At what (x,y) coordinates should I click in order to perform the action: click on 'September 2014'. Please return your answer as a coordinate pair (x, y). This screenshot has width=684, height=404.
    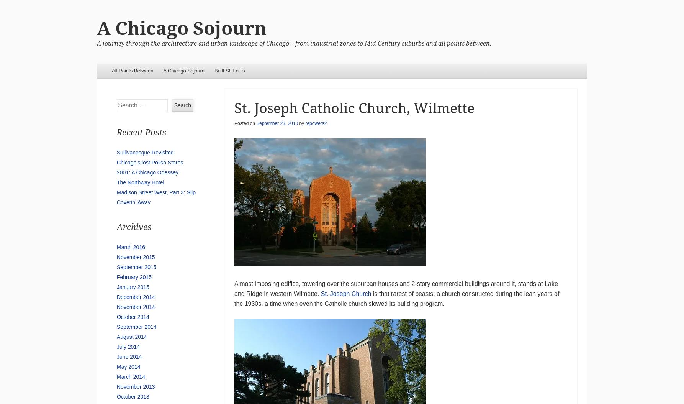
    Looking at the image, I should click on (136, 326).